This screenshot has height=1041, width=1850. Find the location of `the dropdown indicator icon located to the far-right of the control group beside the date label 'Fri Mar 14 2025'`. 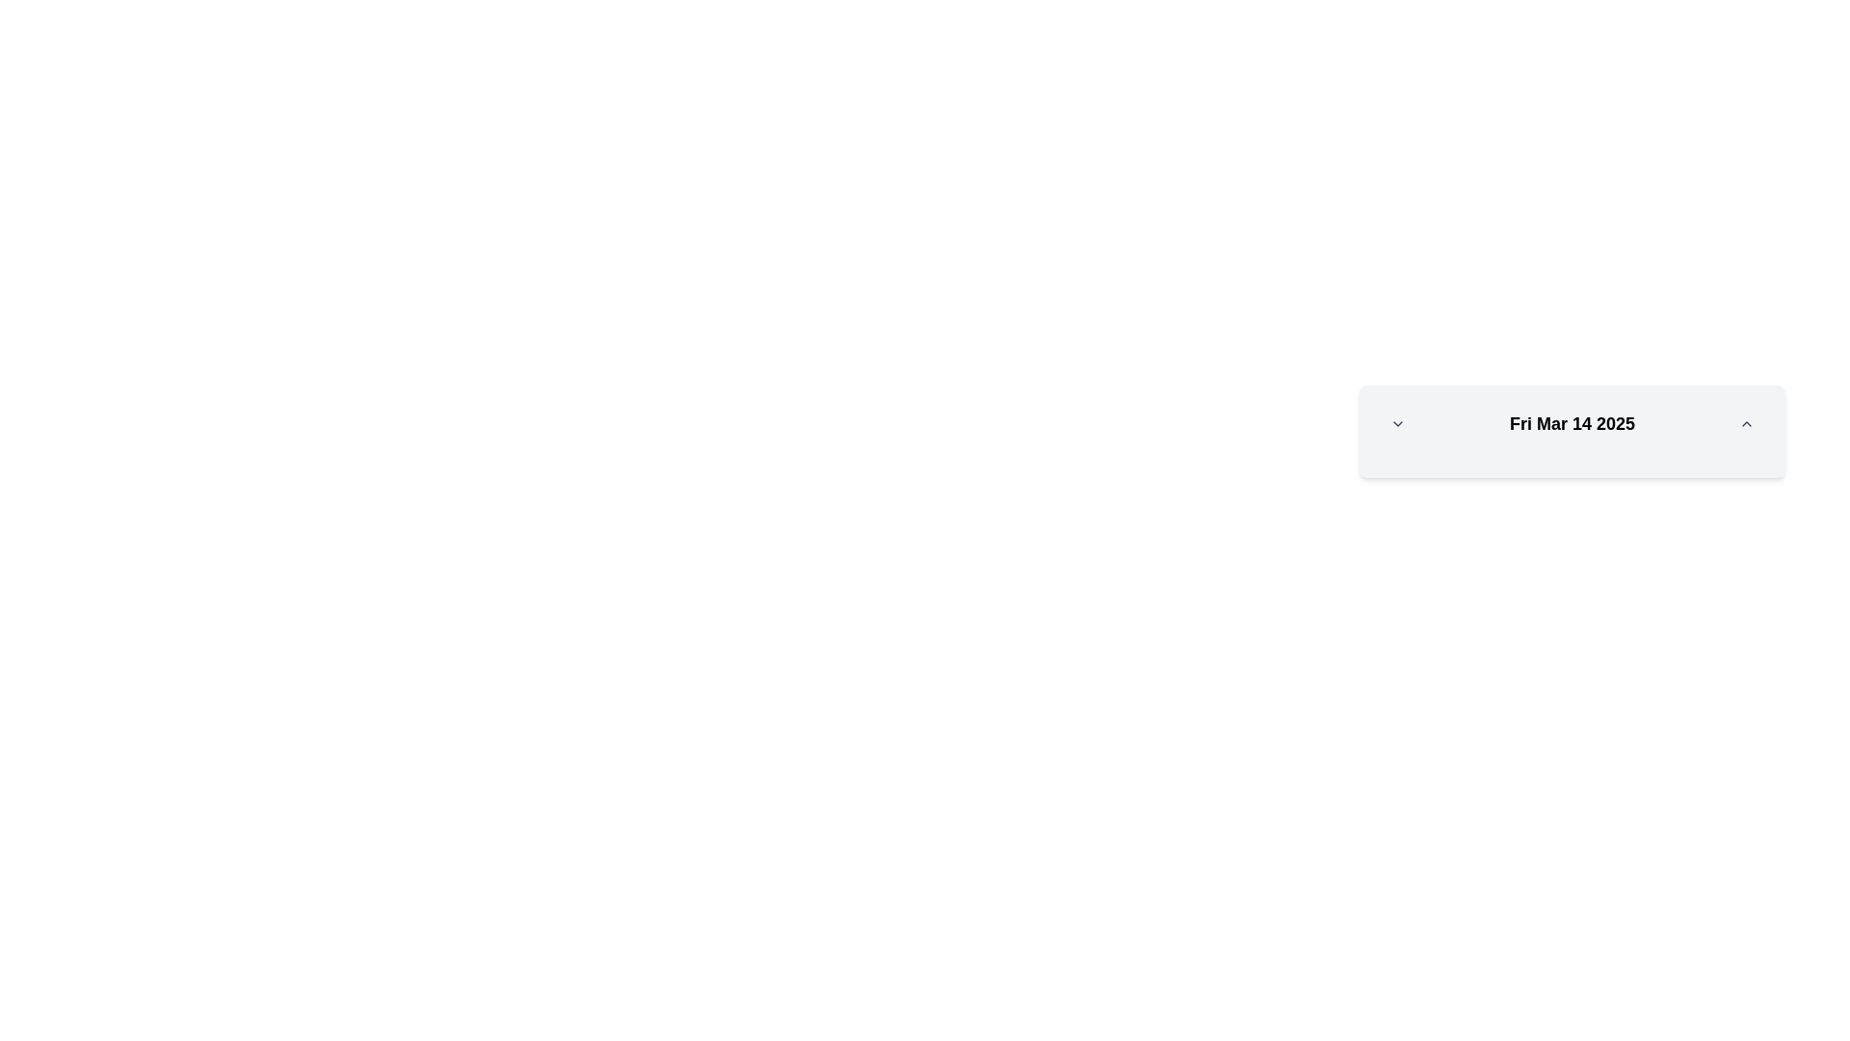

the dropdown indicator icon located to the far-right of the control group beside the date label 'Fri Mar 14 2025' is located at coordinates (1397, 422).